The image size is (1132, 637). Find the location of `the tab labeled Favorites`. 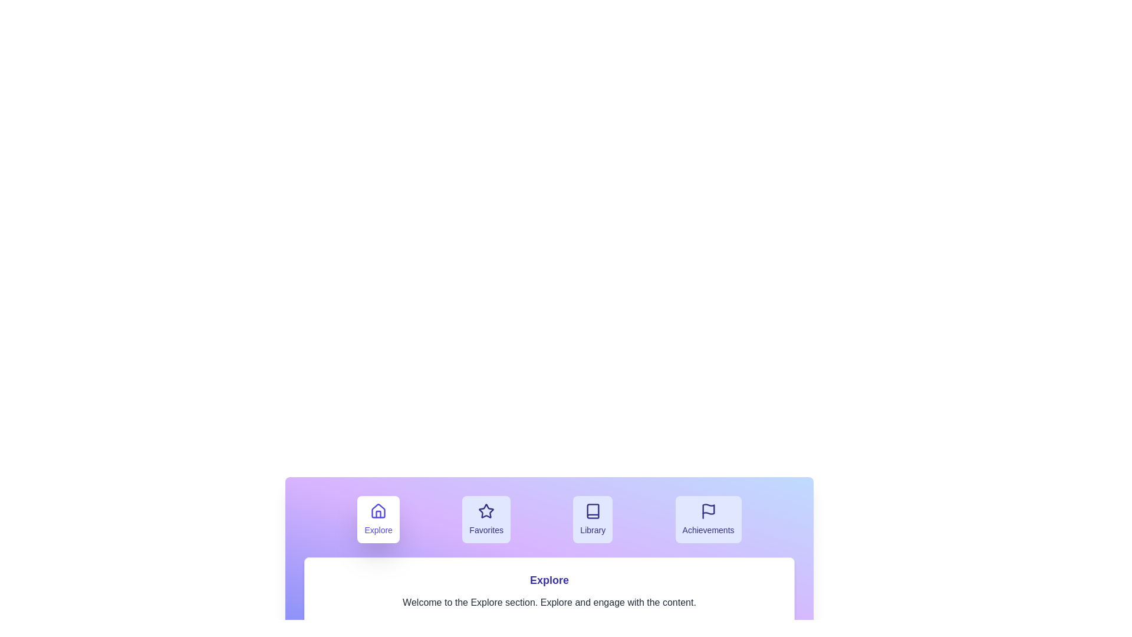

the tab labeled Favorites is located at coordinates (486, 518).